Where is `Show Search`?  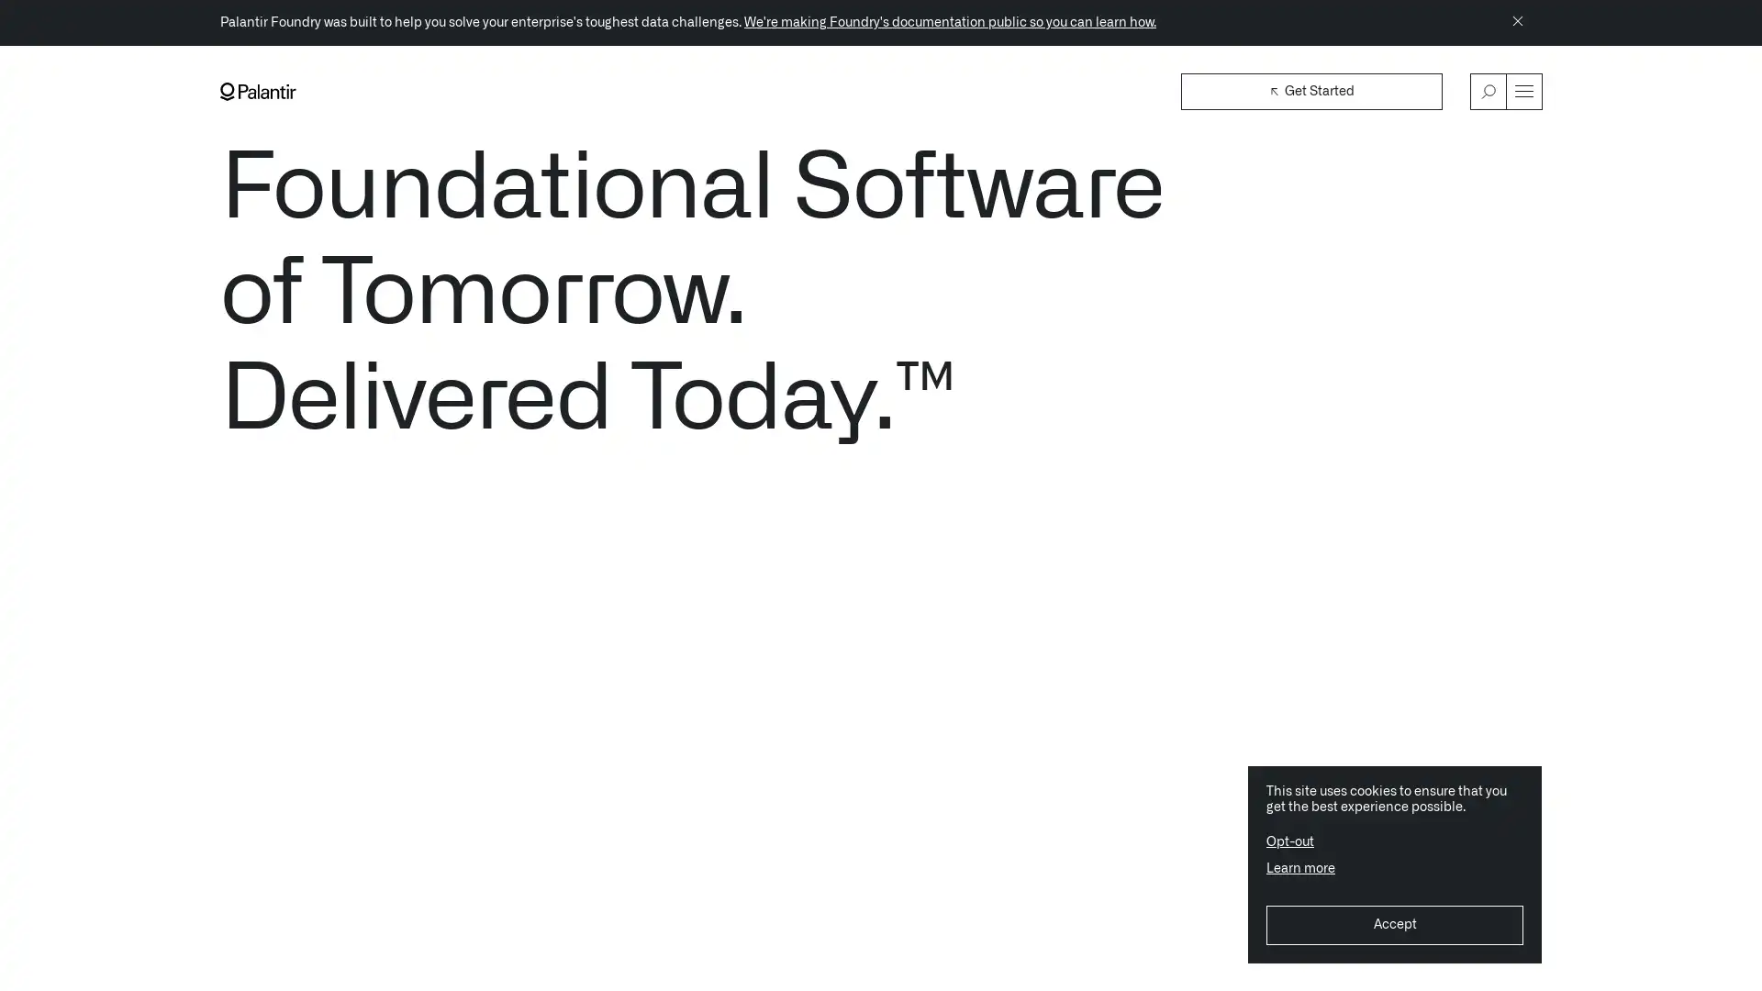
Show Search is located at coordinates (1489, 91).